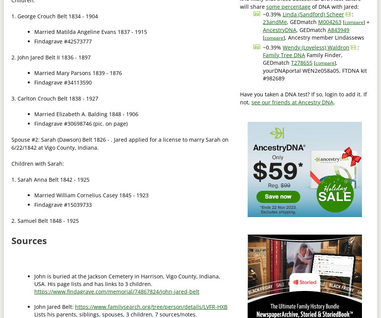  I want to click on '.', so click(333, 102).